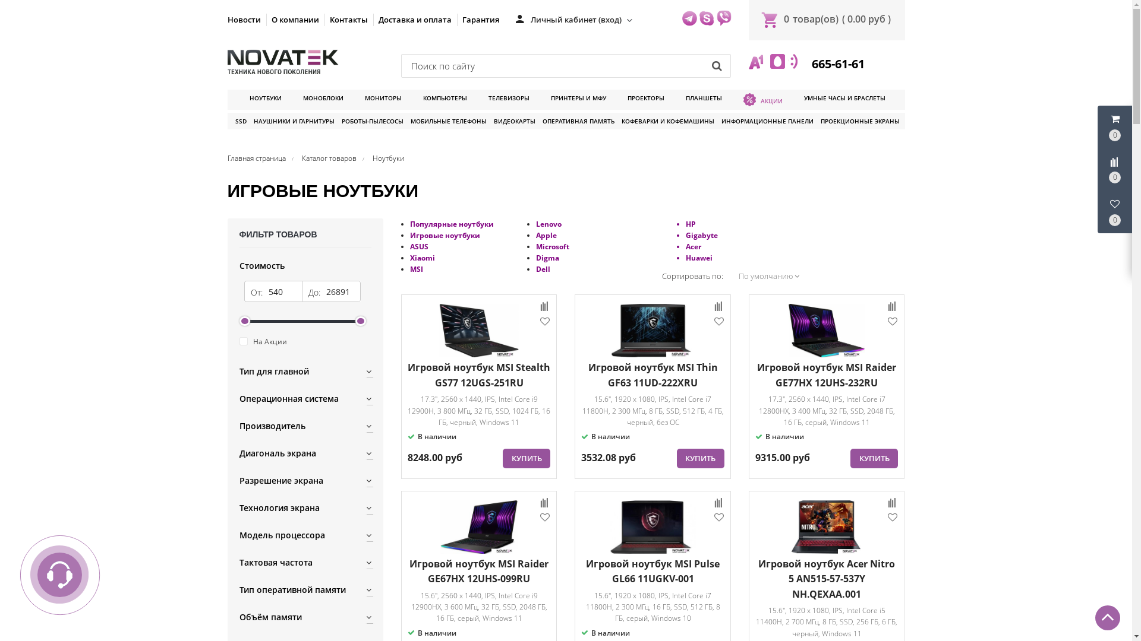 This screenshot has height=641, width=1141. What do you see at coordinates (836, 64) in the screenshot?
I see `' 665-61-61'` at bounding box center [836, 64].